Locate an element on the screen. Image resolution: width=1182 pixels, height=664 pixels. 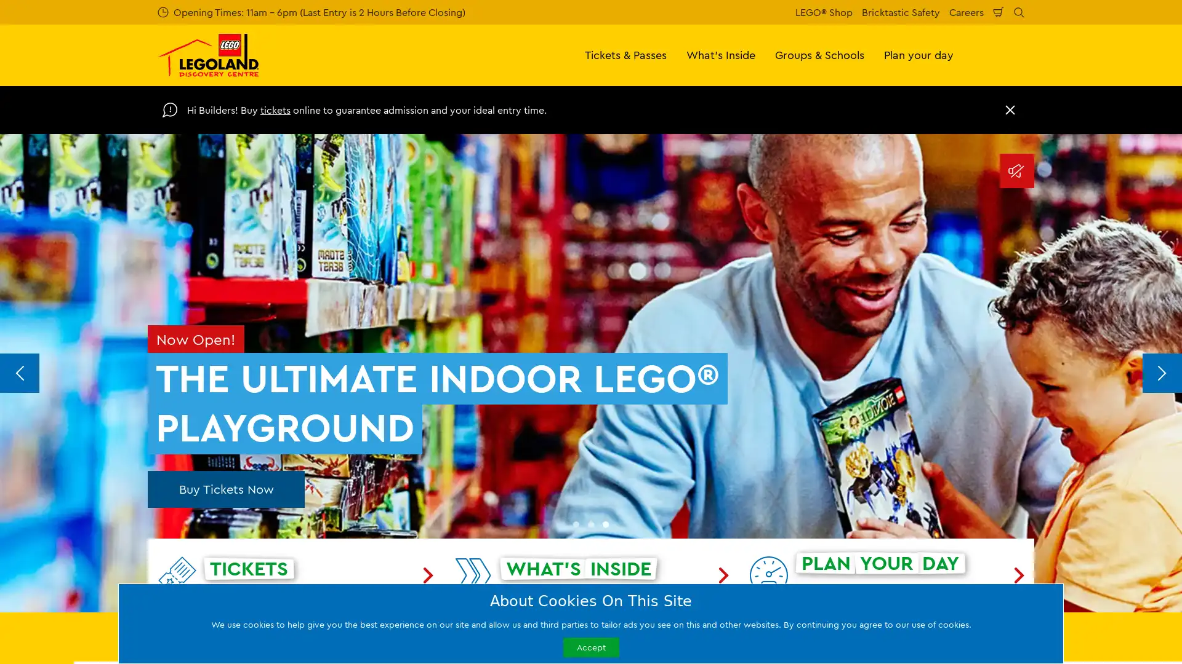
Shopping Cart is located at coordinates (999, 12).